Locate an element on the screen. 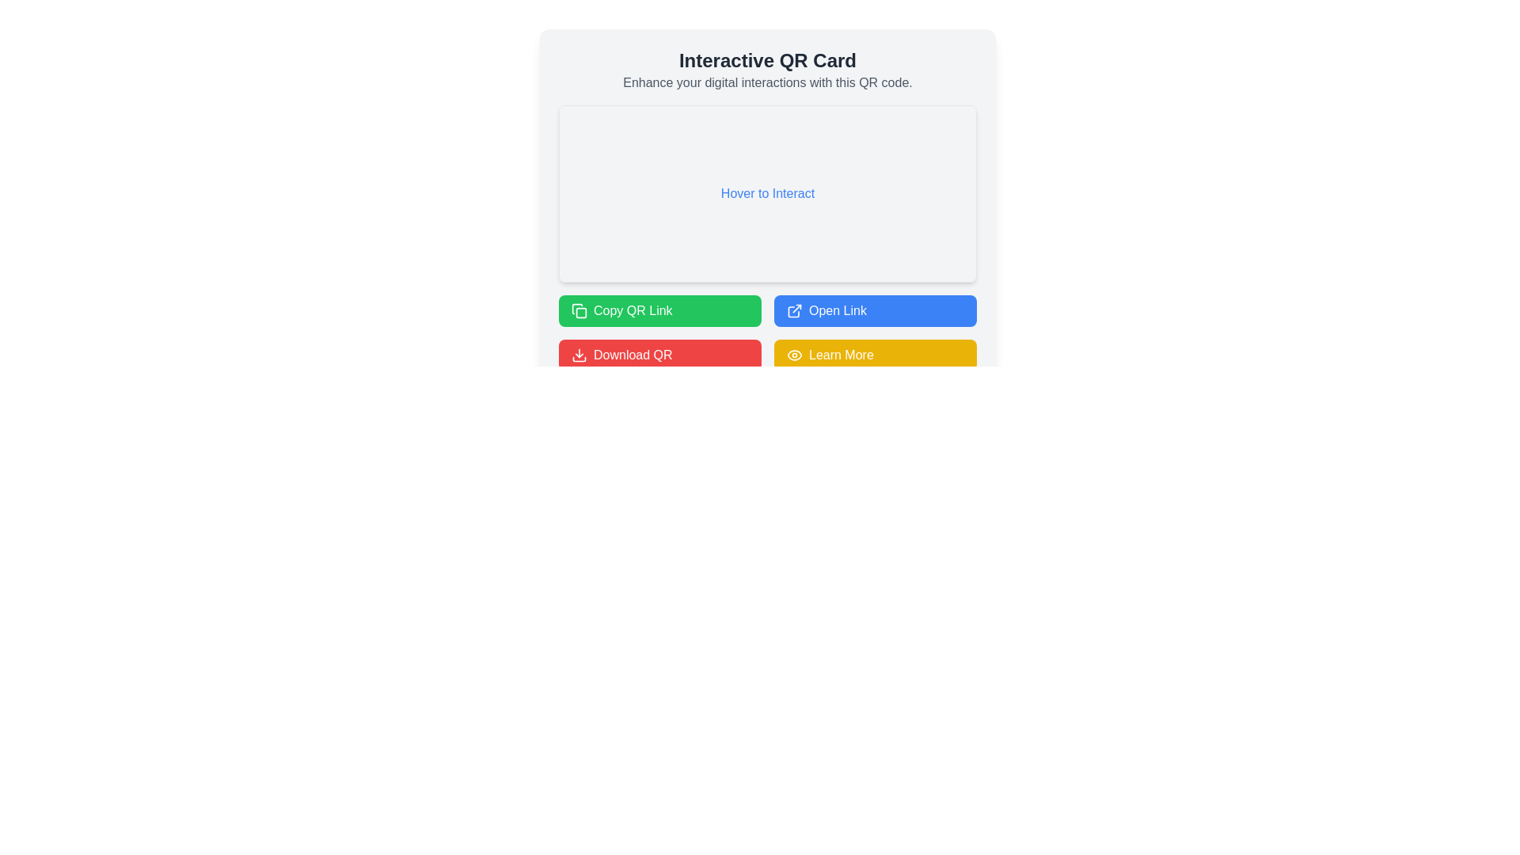 This screenshot has height=855, width=1520. the red button labeled 'Download QR' with a downward arrow icon is located at coordinates (660, 354).